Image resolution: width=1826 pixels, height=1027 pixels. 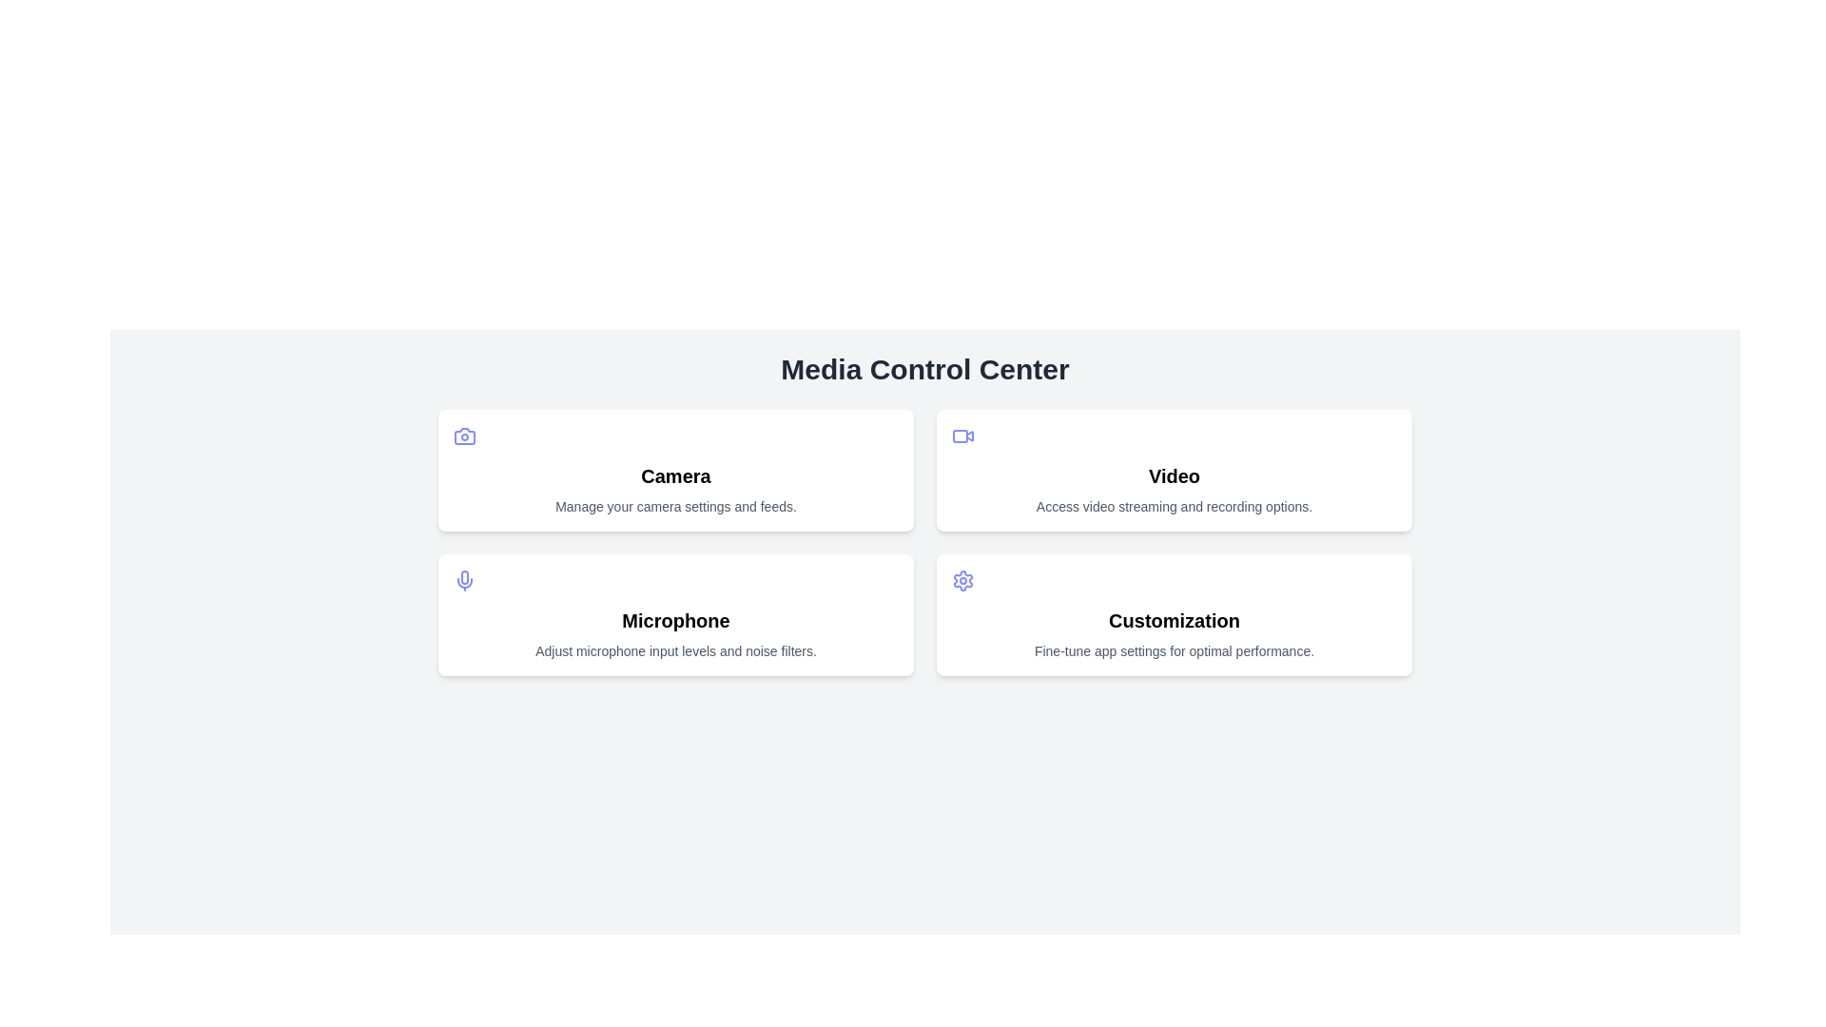 I want to click on the microphone icon located in the upper-left portion of the microphone card section, above the microphone label text, so click(x=465, y=579).